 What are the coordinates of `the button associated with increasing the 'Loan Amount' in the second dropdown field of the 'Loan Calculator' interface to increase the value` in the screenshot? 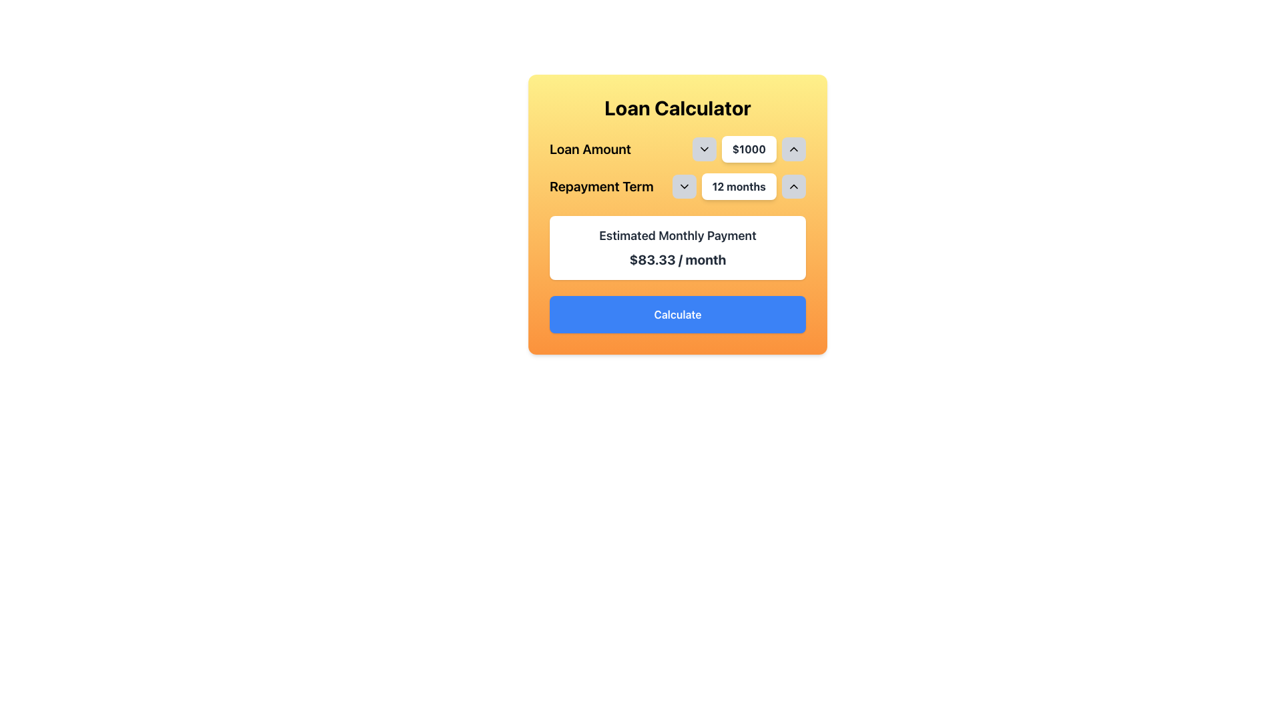 It's located at (794, 149).